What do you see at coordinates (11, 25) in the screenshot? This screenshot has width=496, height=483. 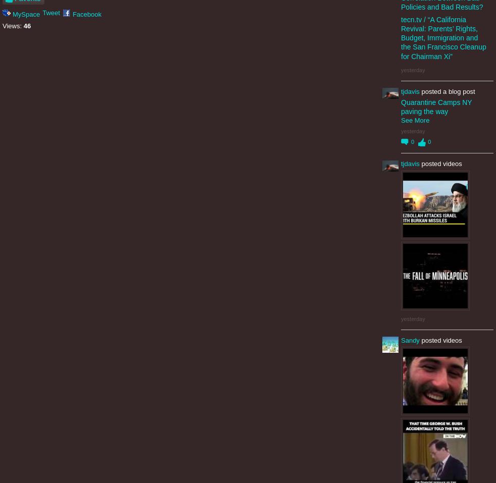 I see `'Views:'` at bounding box center [11, 25].